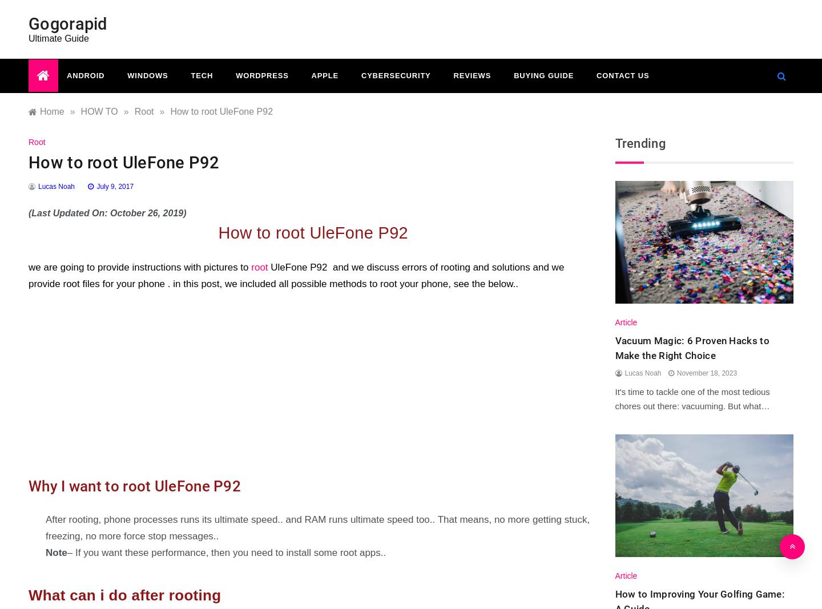 This screenshot has height=609, width=822. Describe the element at coordinates (295, 275) in the screenshot. I see `'UleFone P92  and we discuss errors of rooting and solutions and we provide root files for your phone . in this post, we included all possible methods to root your phone, see the below..'` at that location.